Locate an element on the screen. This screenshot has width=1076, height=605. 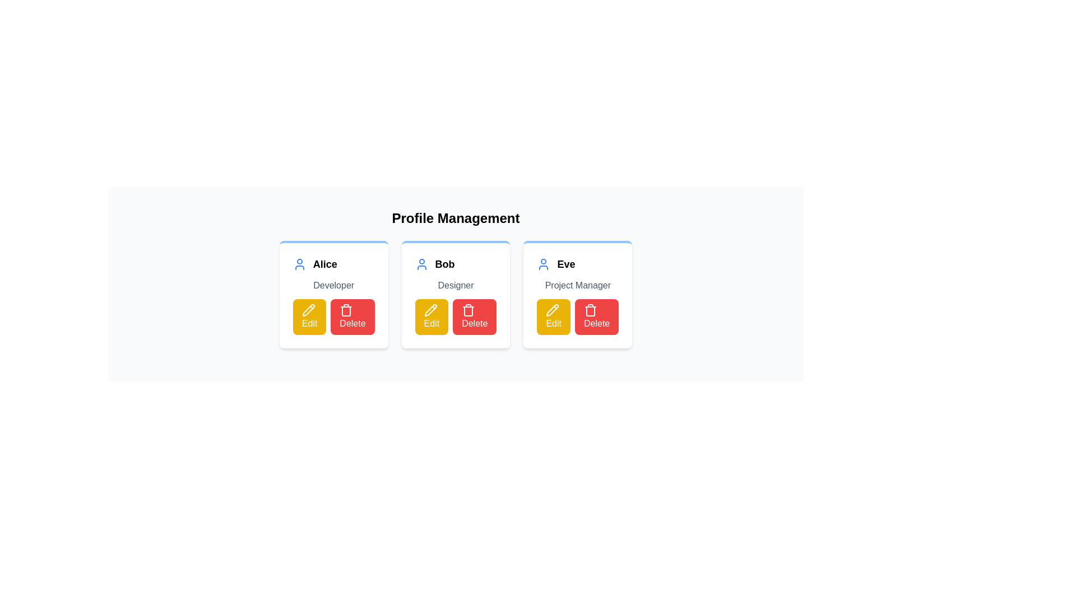
the delete button located at the bottom of the profile card titled 'Eve', which is the second button in a horizontal group of two buttons is located at coordinates (596, 317).